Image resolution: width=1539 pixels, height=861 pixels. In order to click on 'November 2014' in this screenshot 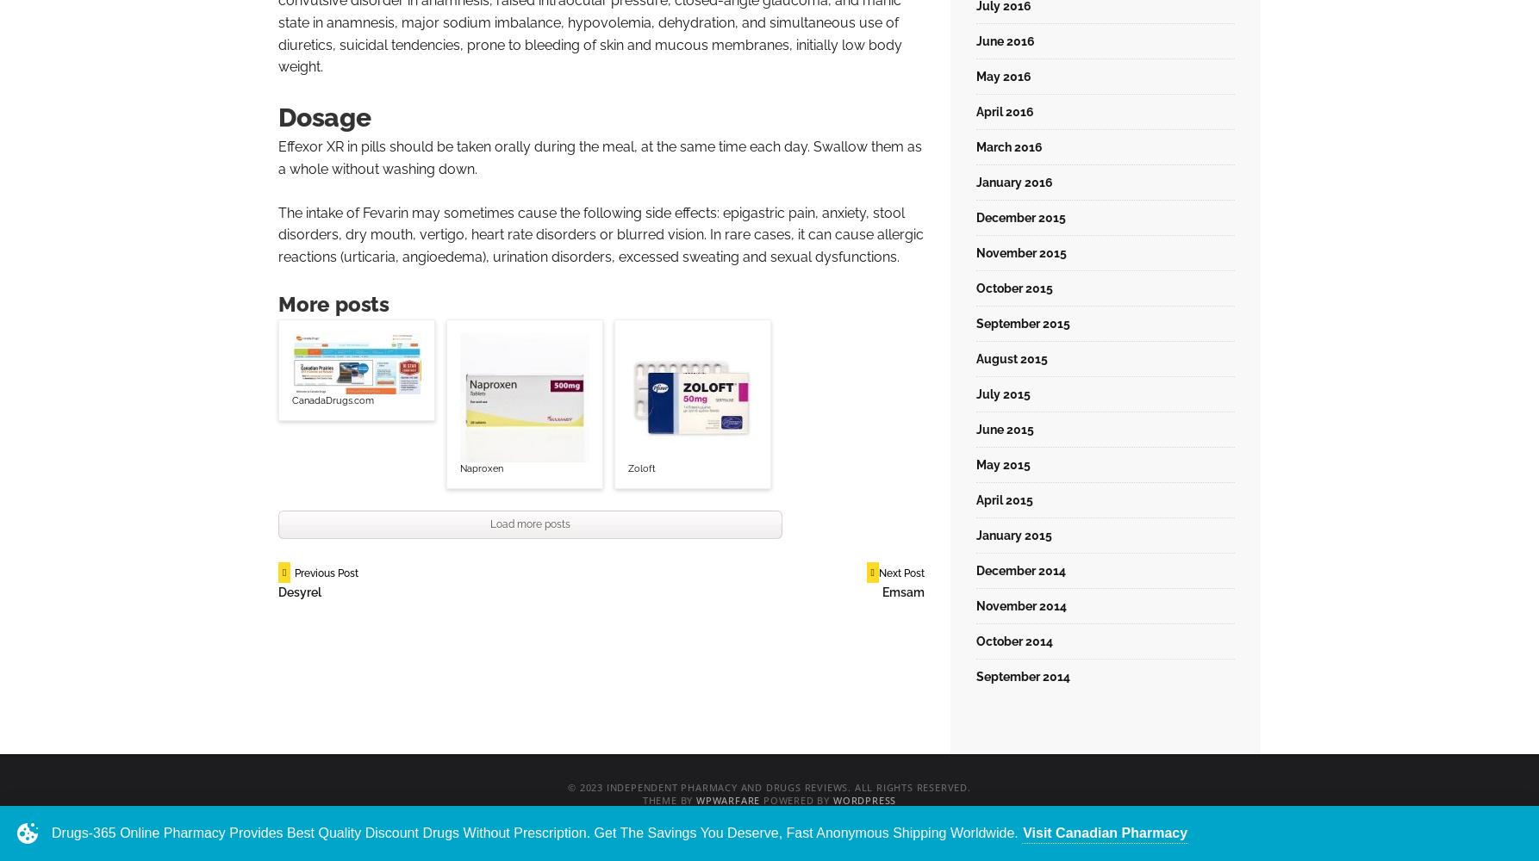, I will do `click(1020, 604)`.